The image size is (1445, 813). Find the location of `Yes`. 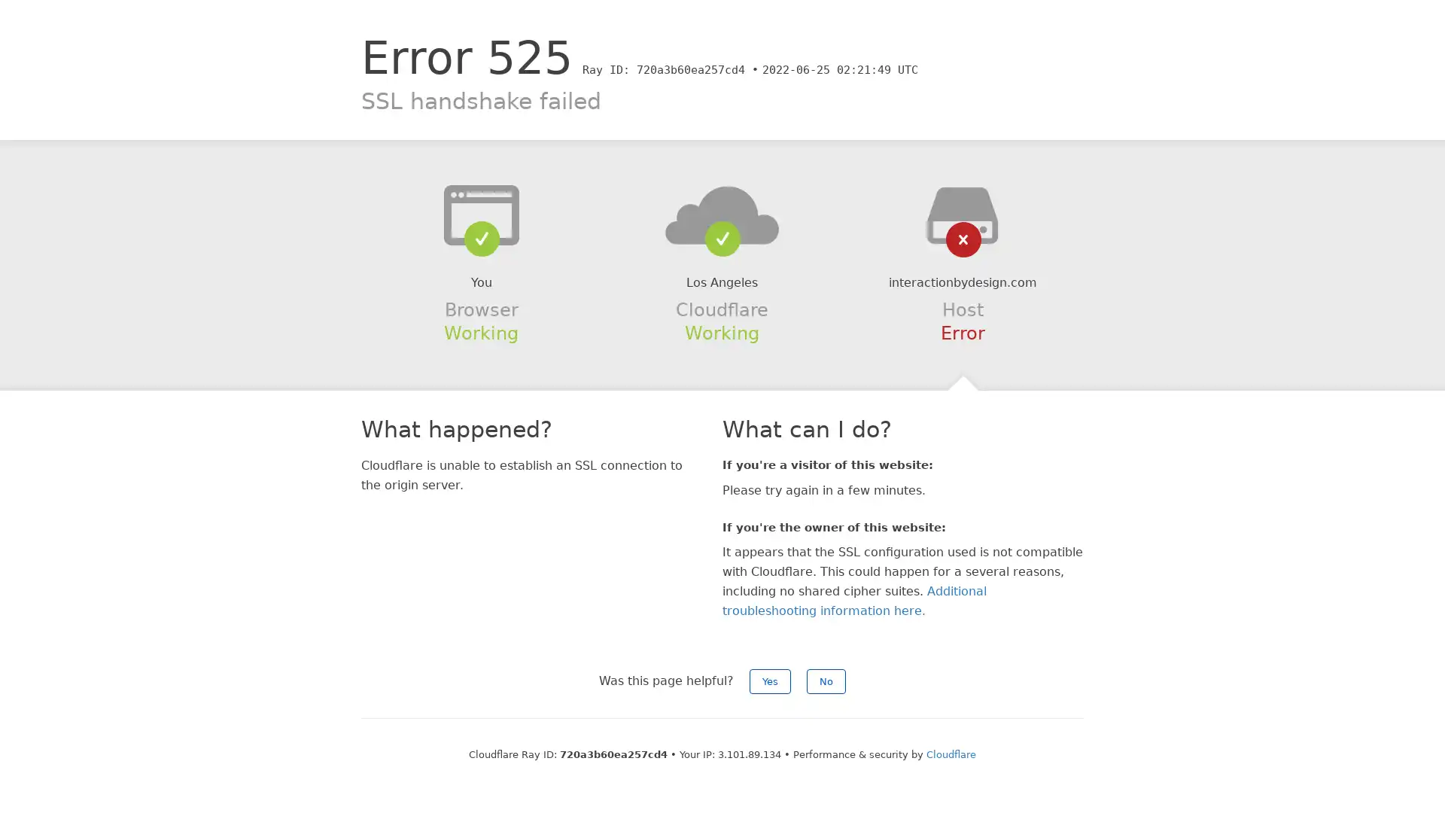

Yes is located at coordinates (770, 681).